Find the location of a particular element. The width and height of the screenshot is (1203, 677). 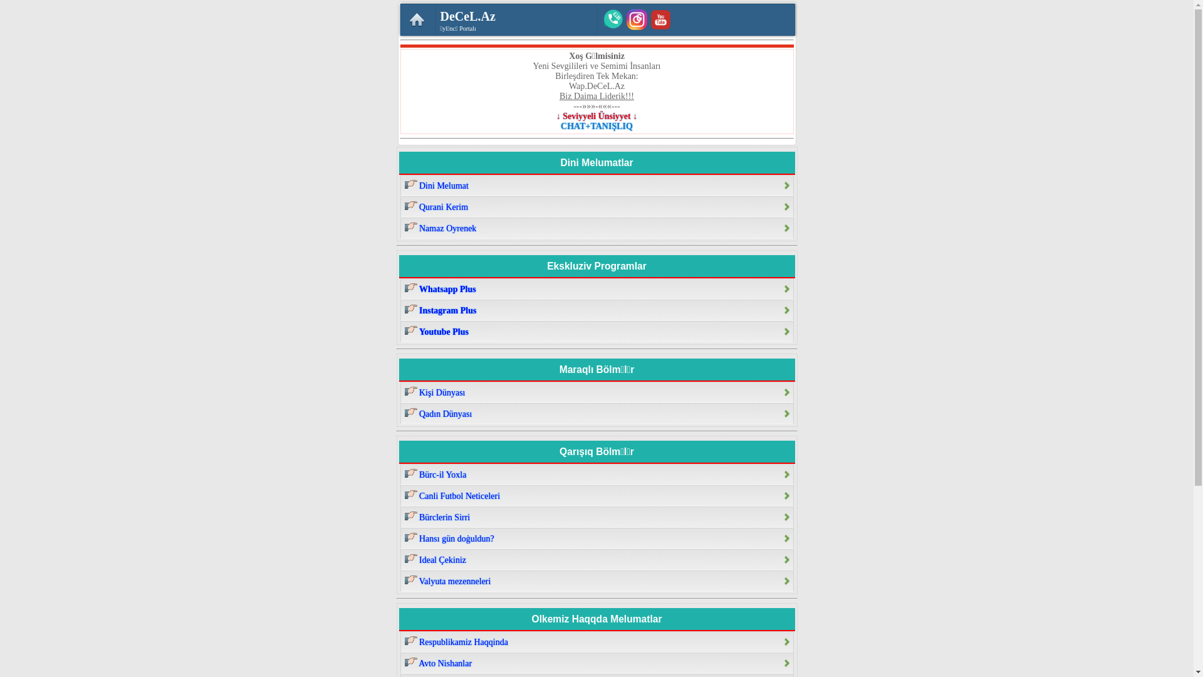

'Dini Melumat' is located at coordinates (399, 186).